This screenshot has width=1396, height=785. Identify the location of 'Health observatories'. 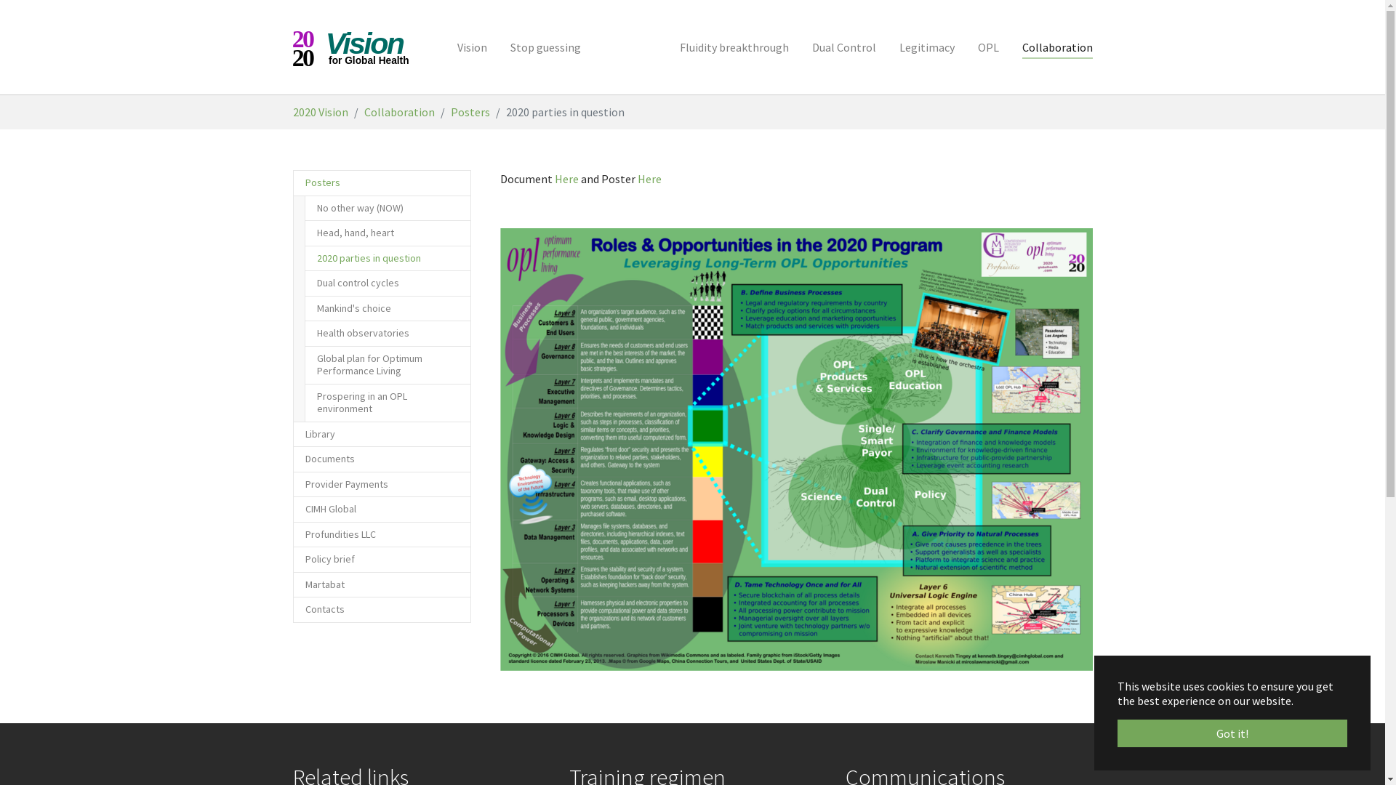
(387, 334).